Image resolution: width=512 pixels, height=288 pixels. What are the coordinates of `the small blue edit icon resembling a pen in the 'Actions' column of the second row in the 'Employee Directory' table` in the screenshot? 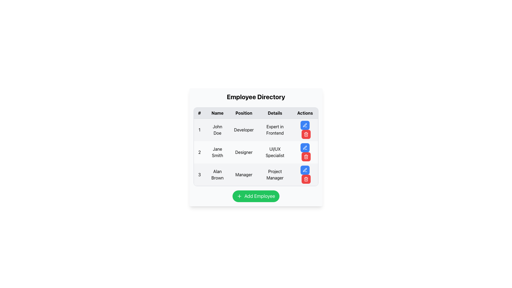 It's located at (305, 148).